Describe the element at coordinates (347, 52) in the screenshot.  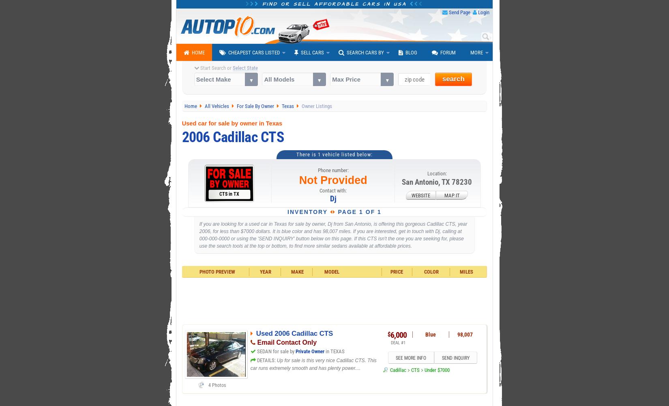
I see `'Search Cars By'` at that location.